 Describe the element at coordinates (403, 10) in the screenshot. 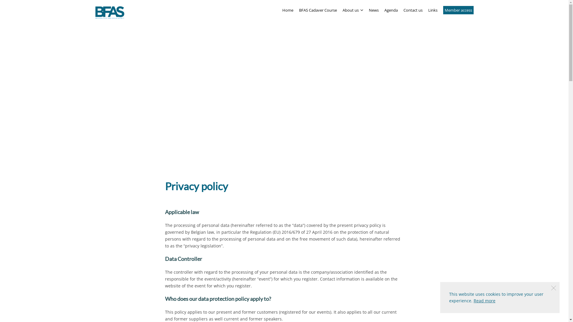

I see `'Contact us'` at that location.